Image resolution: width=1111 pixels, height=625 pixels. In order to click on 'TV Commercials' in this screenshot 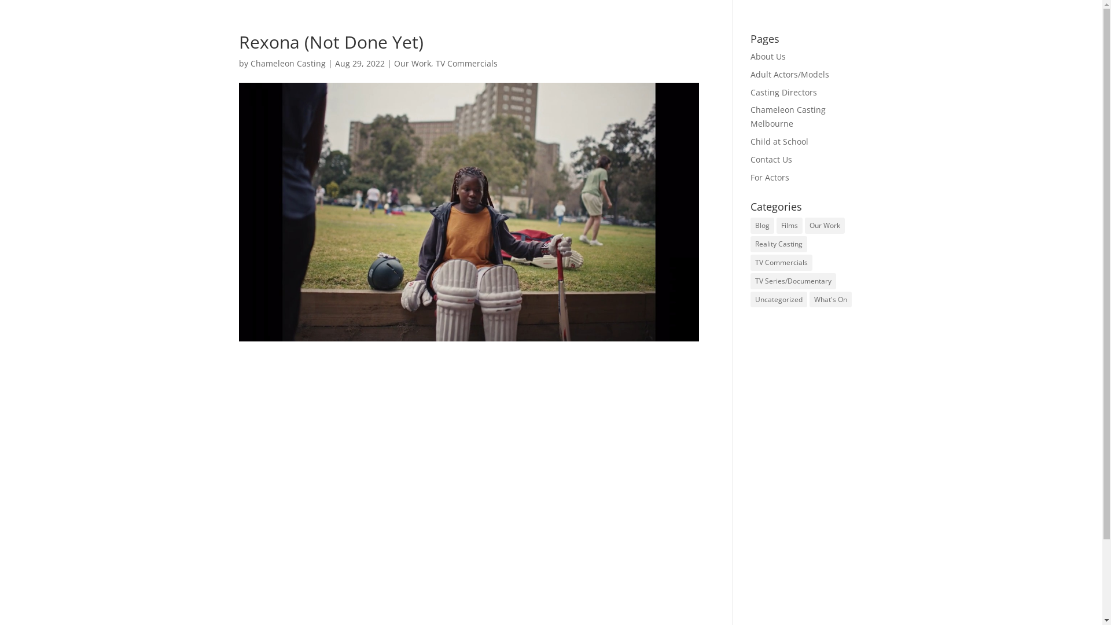, I will do `click(466, 63)`.